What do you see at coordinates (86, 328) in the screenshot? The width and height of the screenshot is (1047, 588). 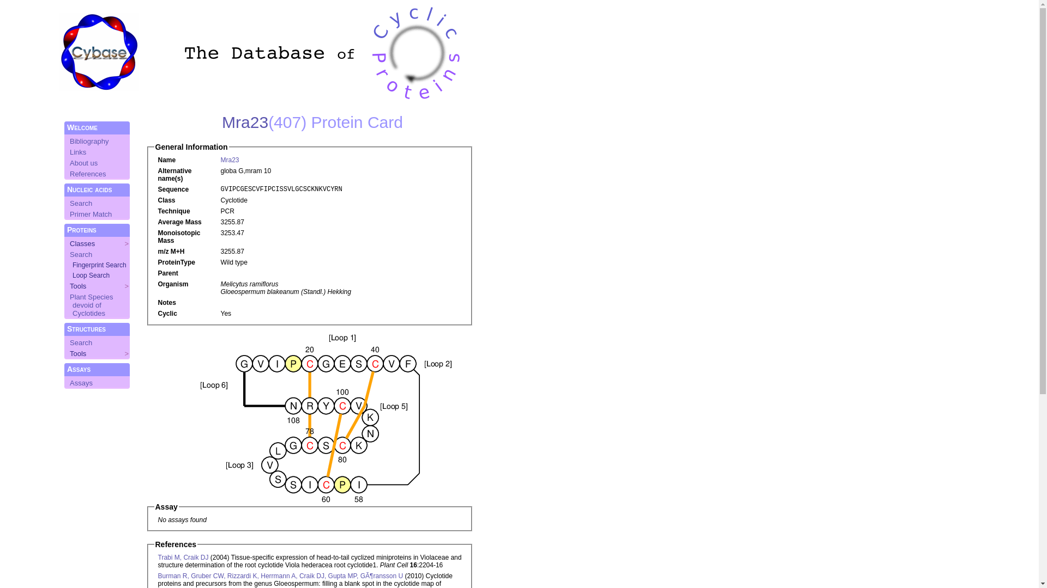 I see `'Structures'` at bounding box center [86, 328].